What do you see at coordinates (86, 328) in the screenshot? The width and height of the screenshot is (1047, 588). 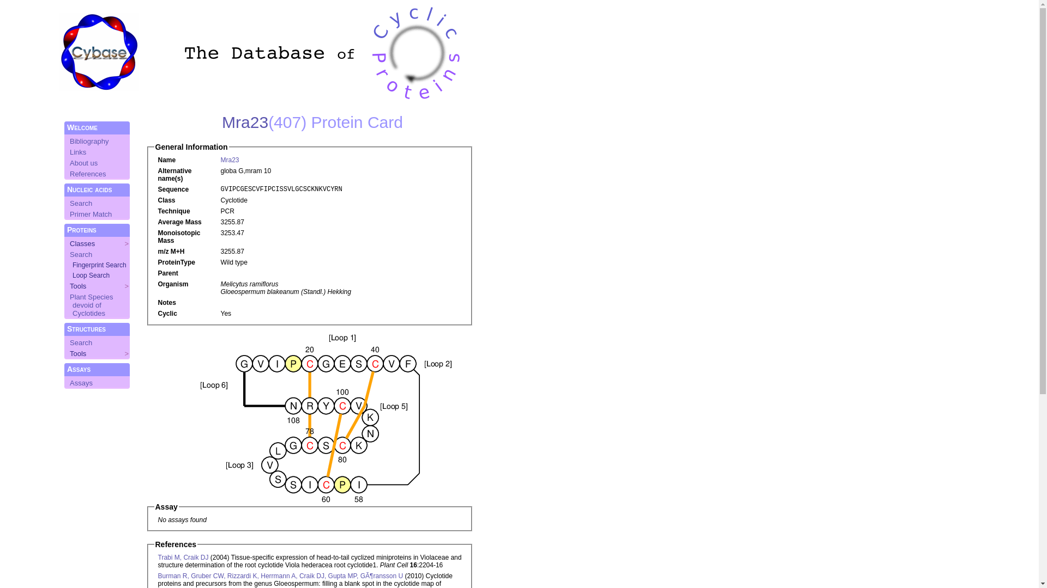 I see `'Structures'` at bounding box center [86, 328].